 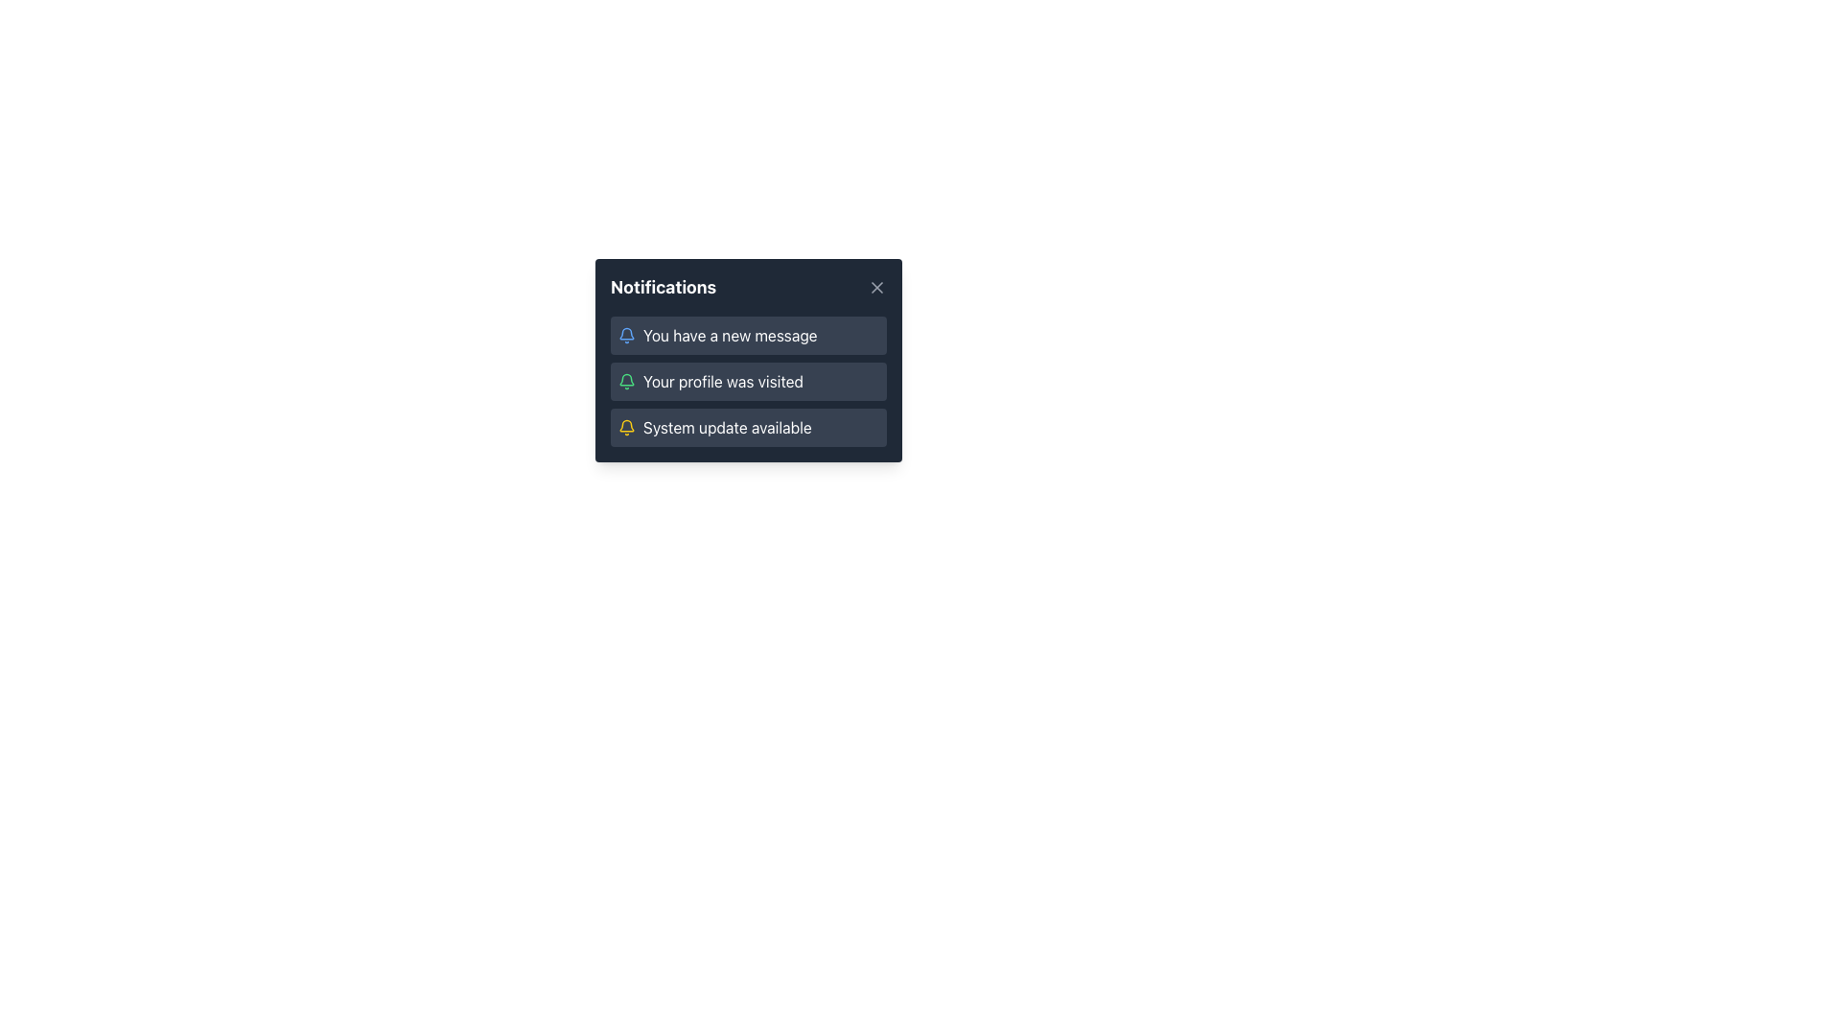 I want to click on the 'Notifications' text label displayed in bold and large font, so click(x=664, y=288).